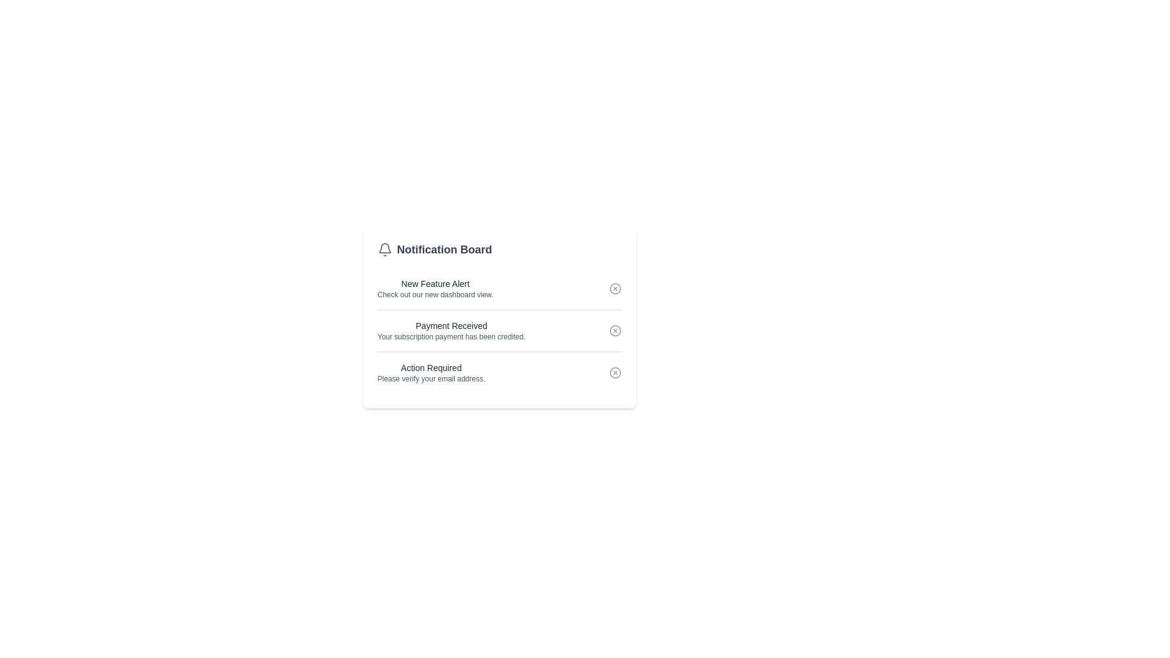  What do you see at coordinates (615, 289) in the screenshot?
I see `the circle icon in the delete button of the first row in the 'Notification Board' UI` at bounding box center [615, 289].